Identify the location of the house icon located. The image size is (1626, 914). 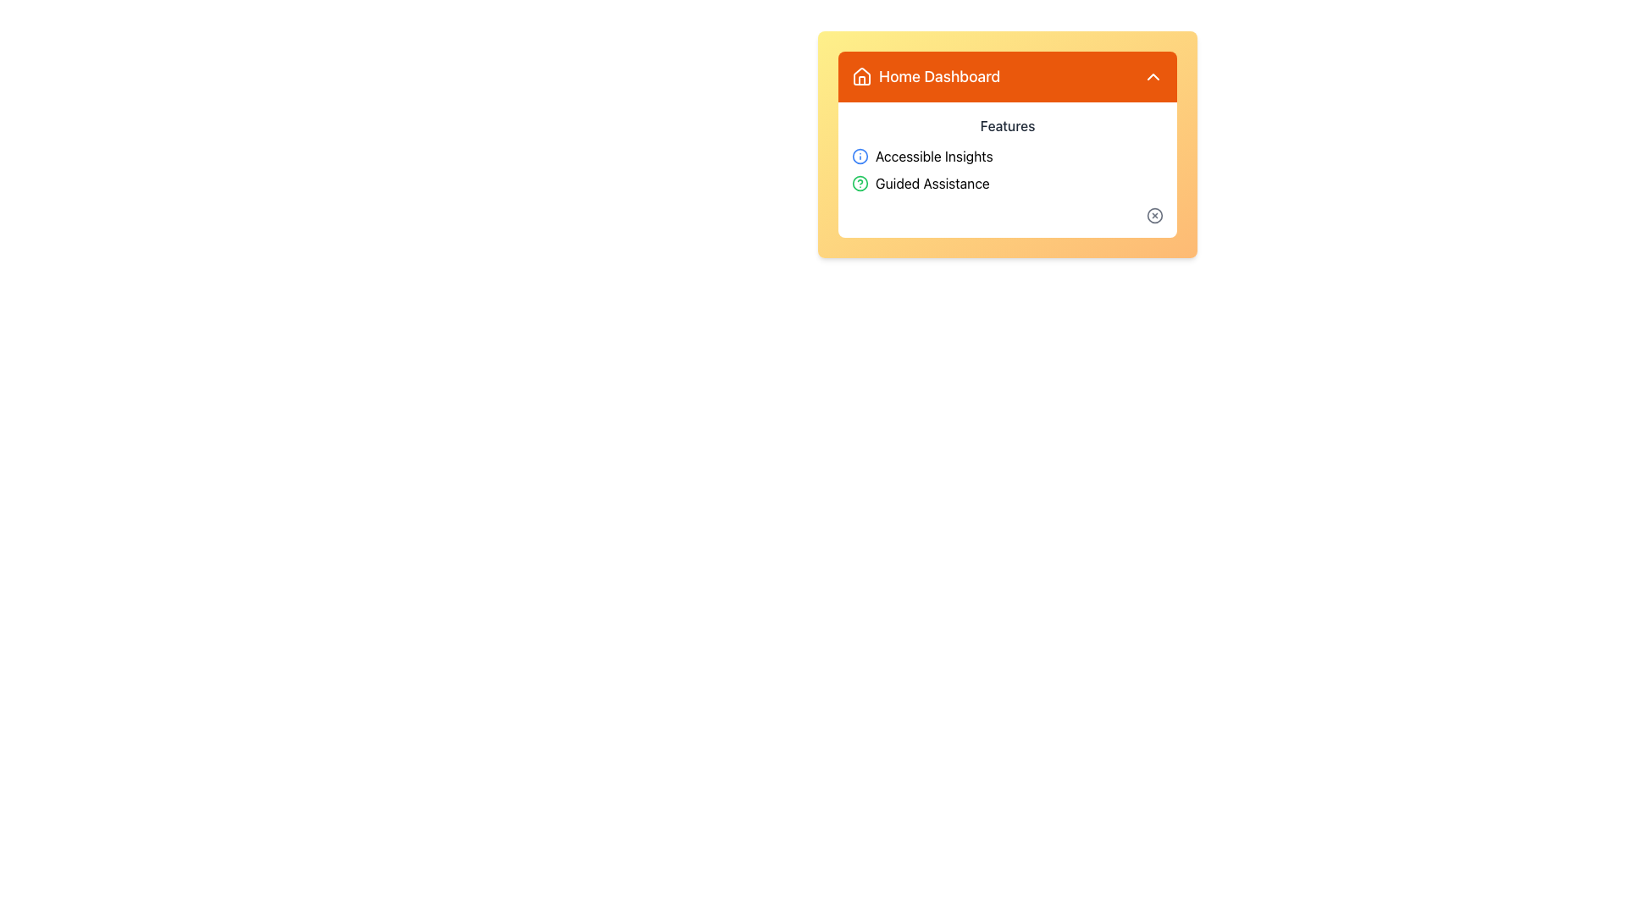
(861, 80).